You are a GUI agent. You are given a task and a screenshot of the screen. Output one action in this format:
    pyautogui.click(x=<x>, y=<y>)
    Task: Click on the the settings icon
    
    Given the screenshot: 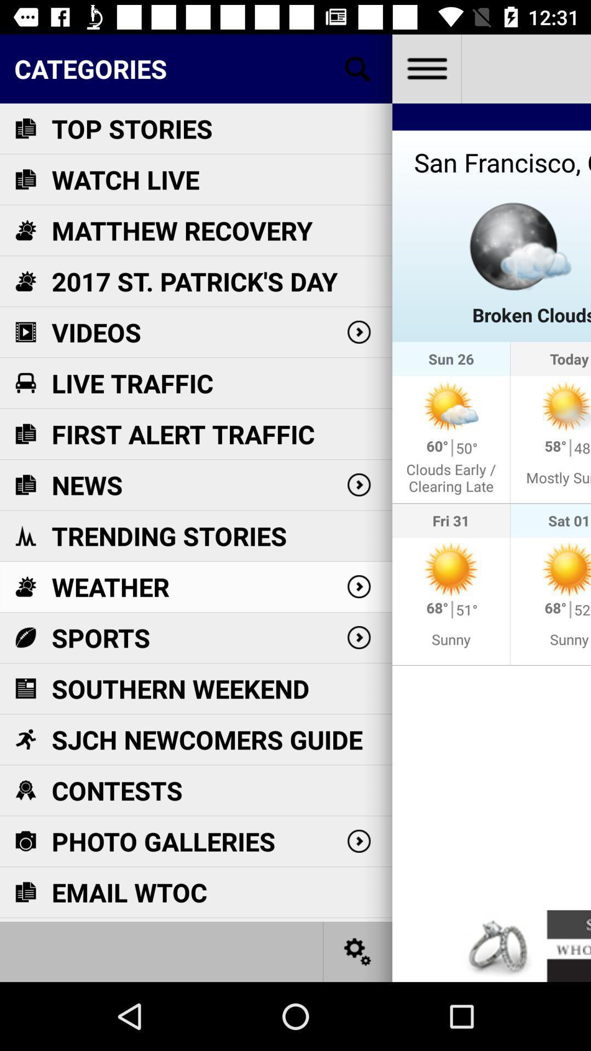 What is the action you would take?
    pyautogui.click(x=358, y=951)
    